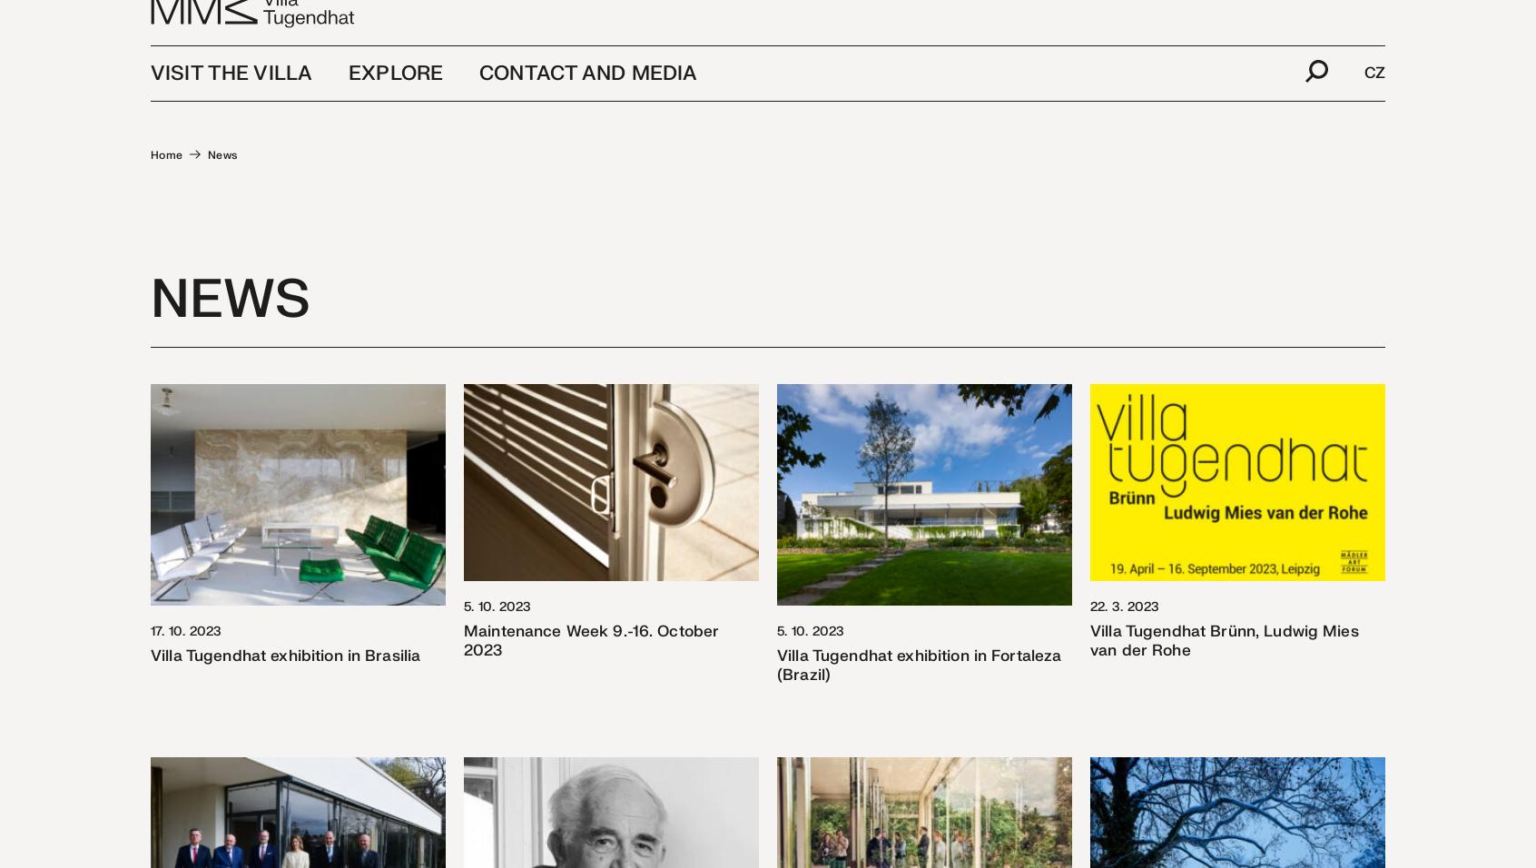  Describe the element at coordinates (149, 155) in the screenshot. I see `'Home'` at that location.